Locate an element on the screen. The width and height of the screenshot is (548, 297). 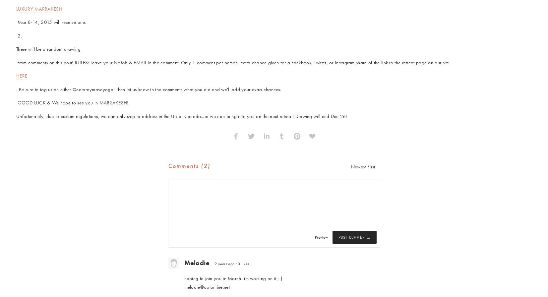
'hoping to join you in March! im working on it ;-)' is located at coordinates (184, 278).